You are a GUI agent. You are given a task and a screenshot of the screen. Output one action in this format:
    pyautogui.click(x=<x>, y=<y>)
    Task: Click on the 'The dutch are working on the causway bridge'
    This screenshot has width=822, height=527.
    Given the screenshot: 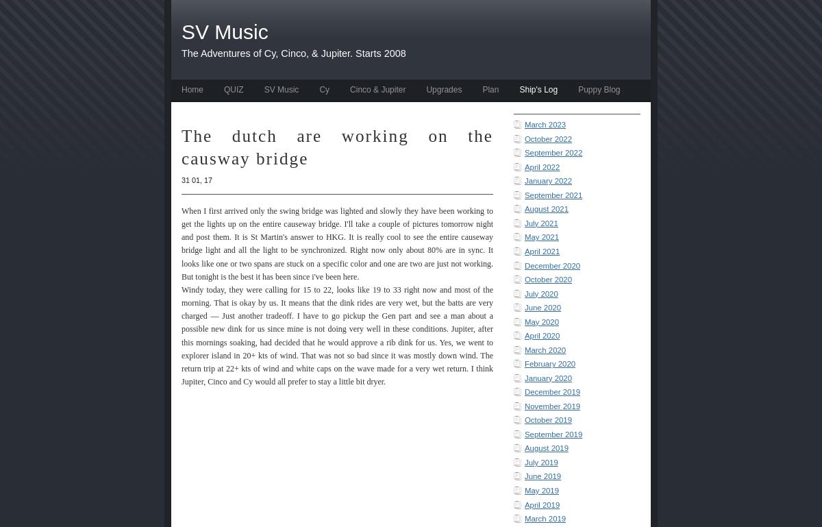 What is the action you would take?
    pyautogui.click(x=336, y=147)
    